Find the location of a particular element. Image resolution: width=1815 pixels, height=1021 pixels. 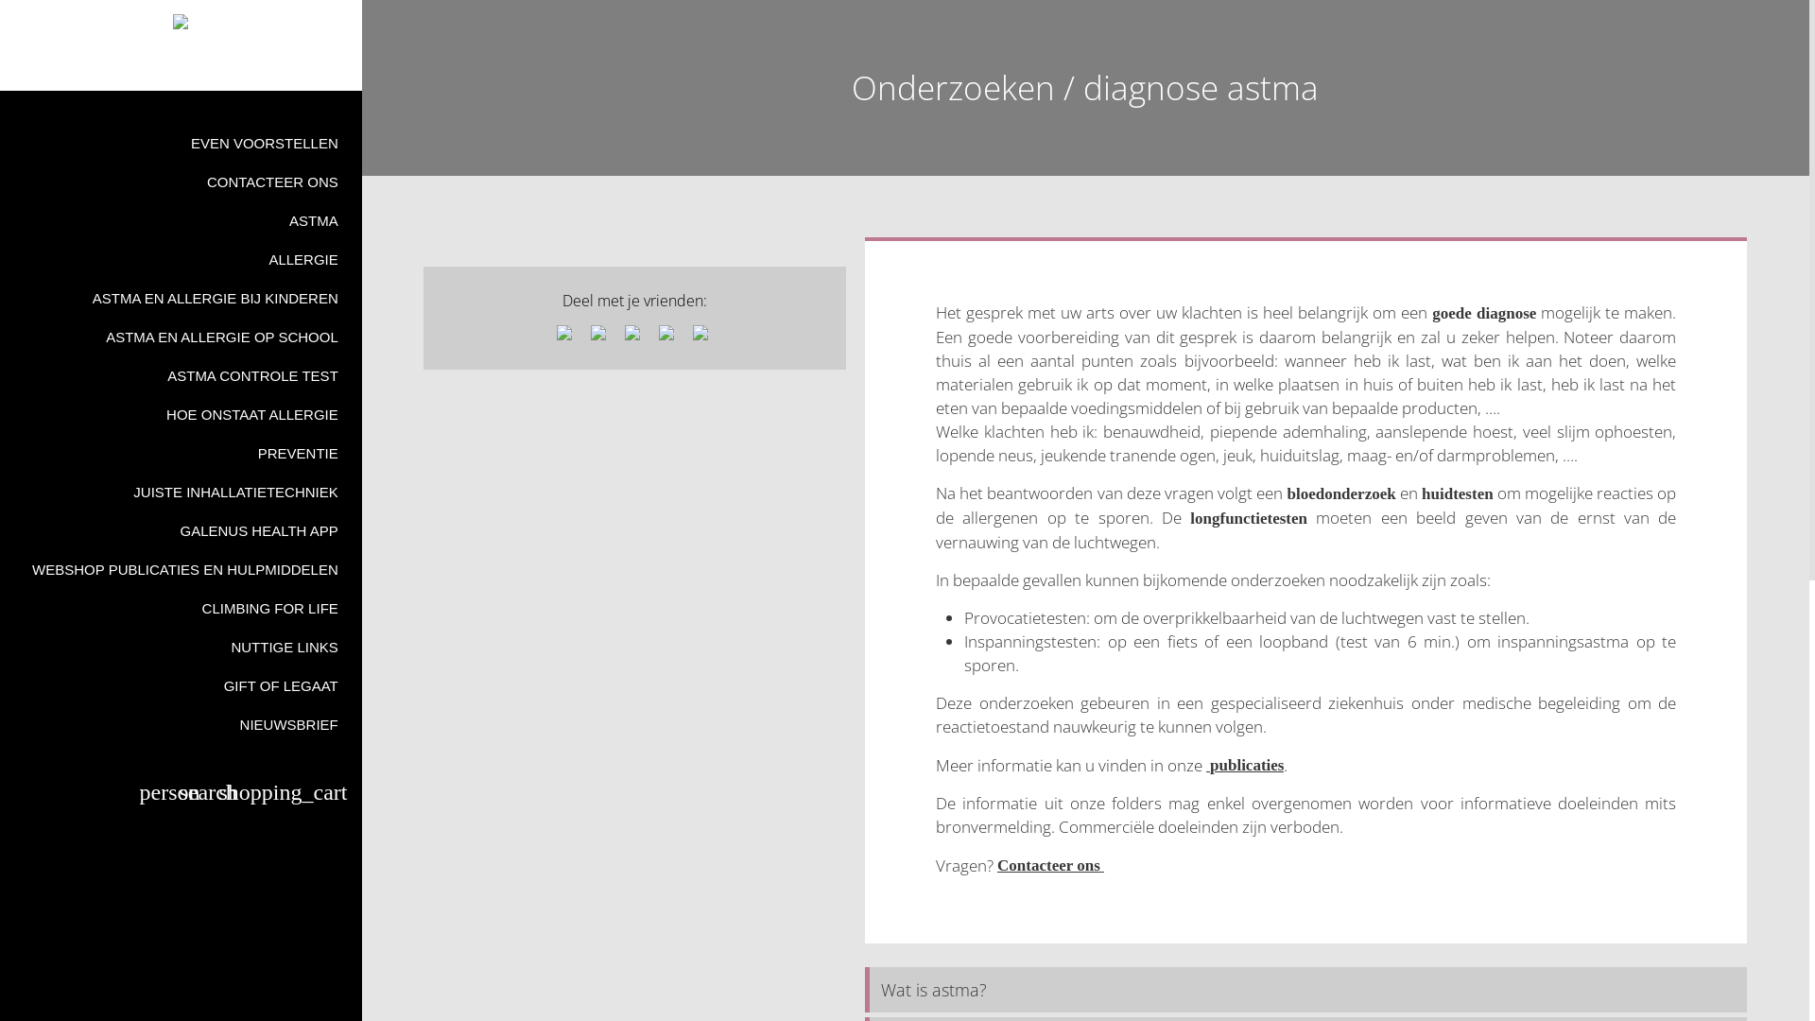

'PREVENTIE' is located at coordinates (181, 453).